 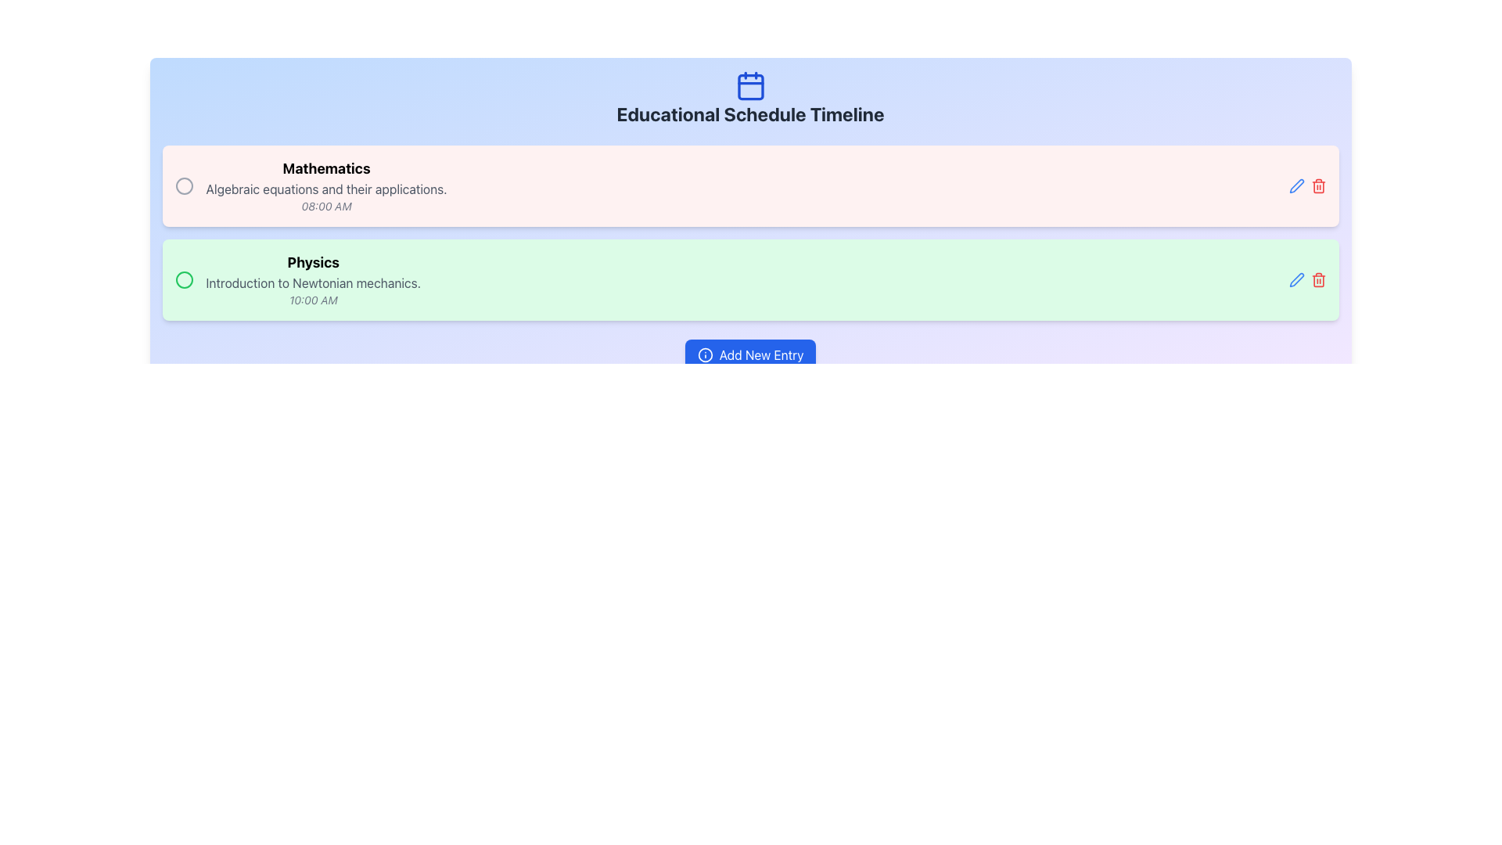 What do you see at coordinates (749, 355) in the screenshot?
I see `the 'Add New Entry' button, which is a rounded rectangle with white text on a blue background` at bounding box center [749, 355].